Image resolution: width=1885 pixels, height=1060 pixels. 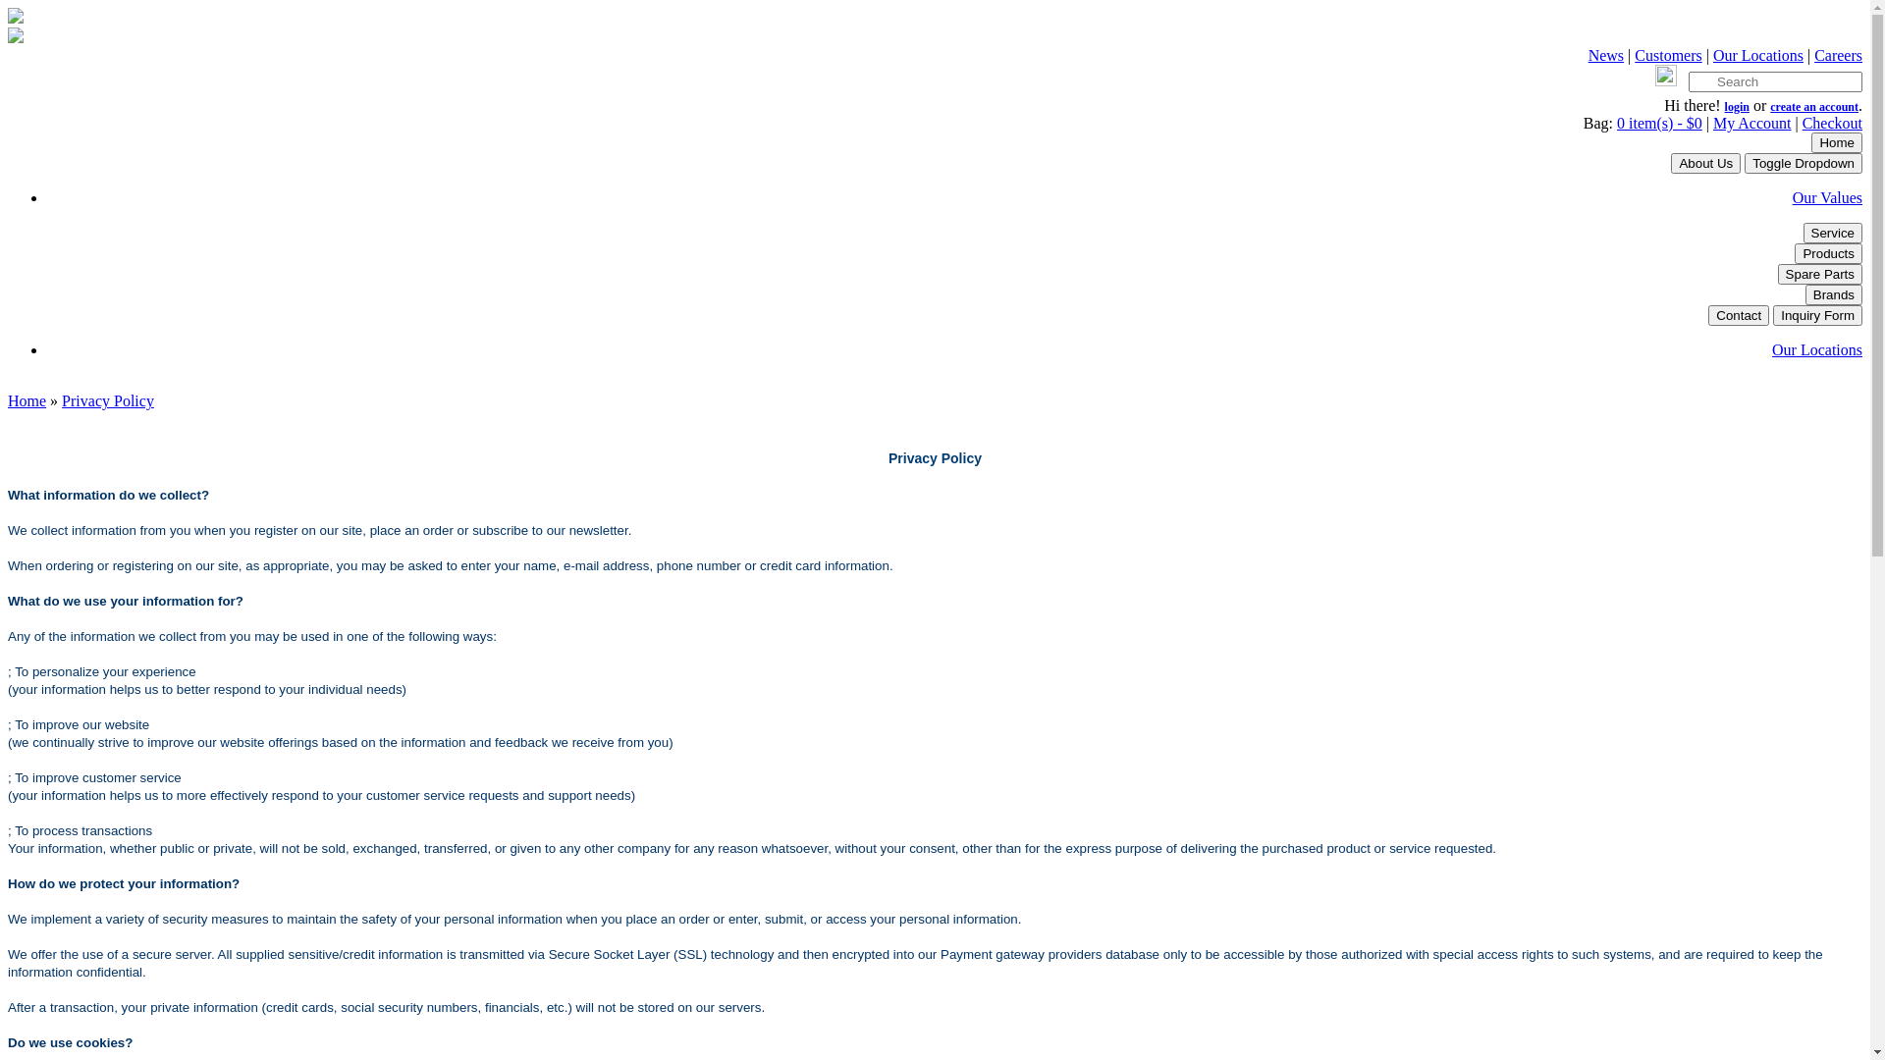 What do you see at coordinates (1777, 274) in the screenshot?
I see `'Spare Parts'` at bounding box center [1777, 274].